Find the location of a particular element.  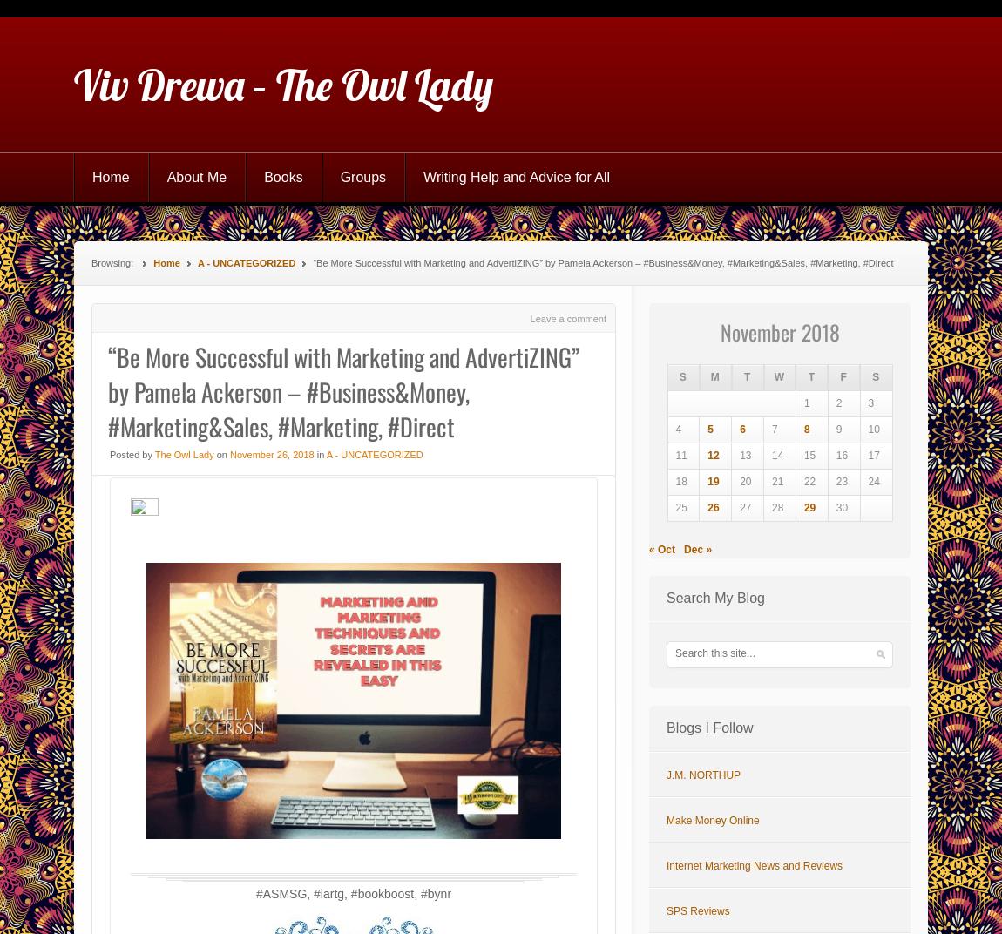

'W' is located at coordinates (774, 376).